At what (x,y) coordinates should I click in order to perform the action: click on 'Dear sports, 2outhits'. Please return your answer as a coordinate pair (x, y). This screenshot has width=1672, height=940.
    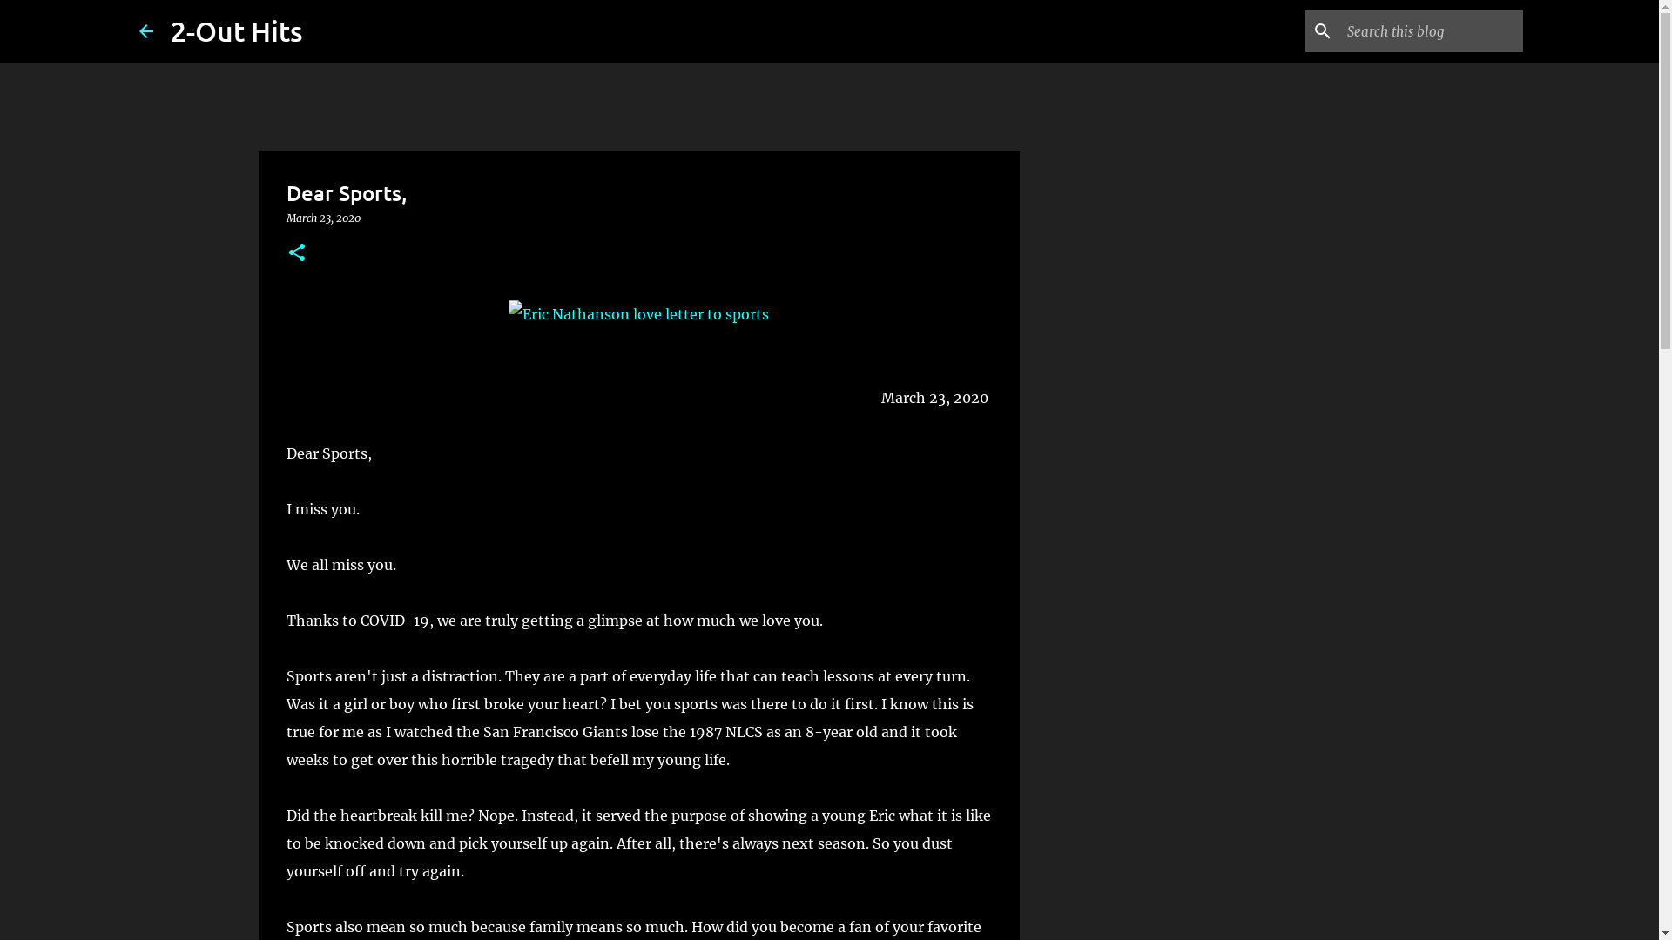
    Looking at the image, I should click on (637, 314).